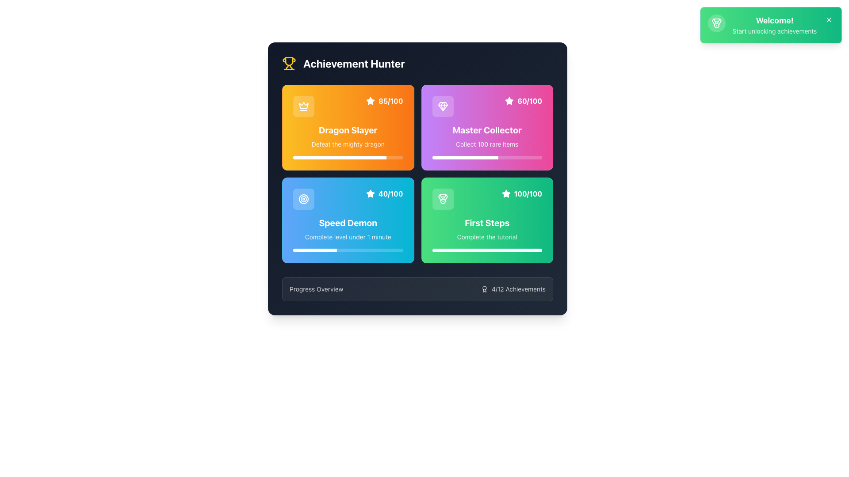  I want to click on the white star-shaped icon located on the rightmost panel of the grid, directly to the left of the '100/100' text, so click(506, 193).